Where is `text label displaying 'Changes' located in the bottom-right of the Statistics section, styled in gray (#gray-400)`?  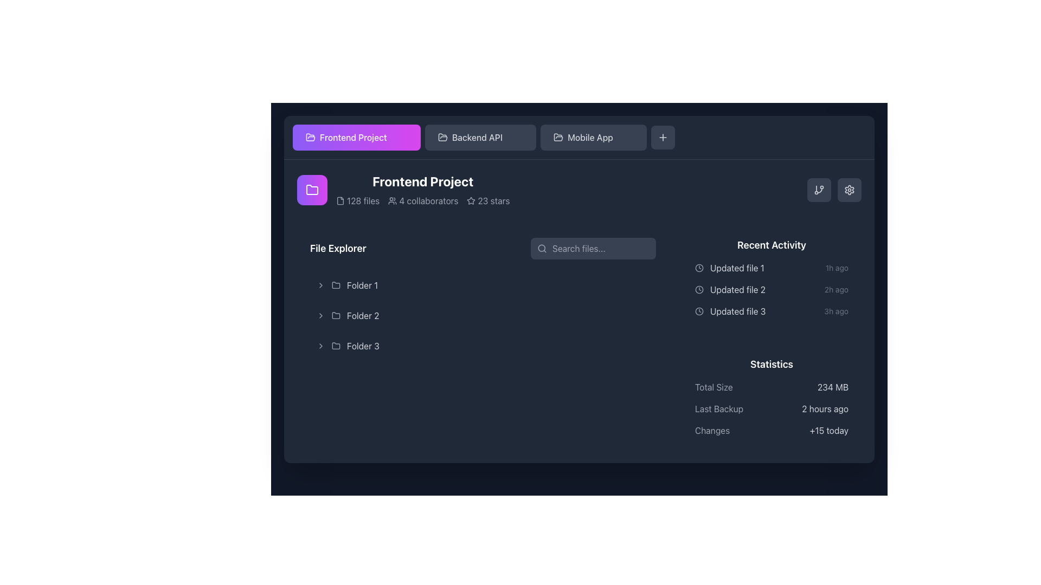 text label displaying 'Changes' located in the bottom-right of the Statistics section, styled in gray (#gray-400) is located at coordinates (712, 430).